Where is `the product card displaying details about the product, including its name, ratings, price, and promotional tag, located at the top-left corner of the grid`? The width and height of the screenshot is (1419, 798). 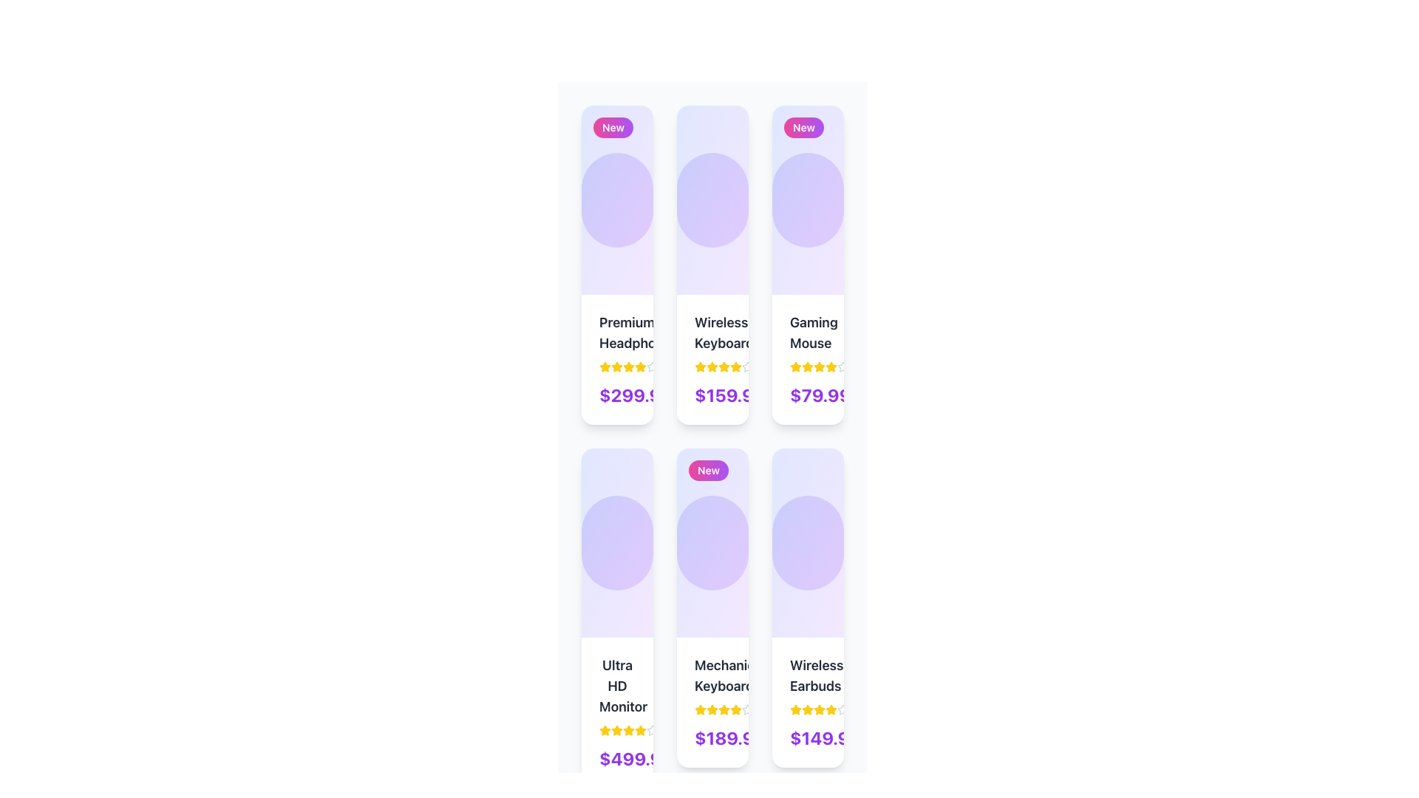
the product card displaying details about the product, including its name, ratings, price, and promotional tag, located at the top-left corner of the grid is located at coordinates (617, 264).